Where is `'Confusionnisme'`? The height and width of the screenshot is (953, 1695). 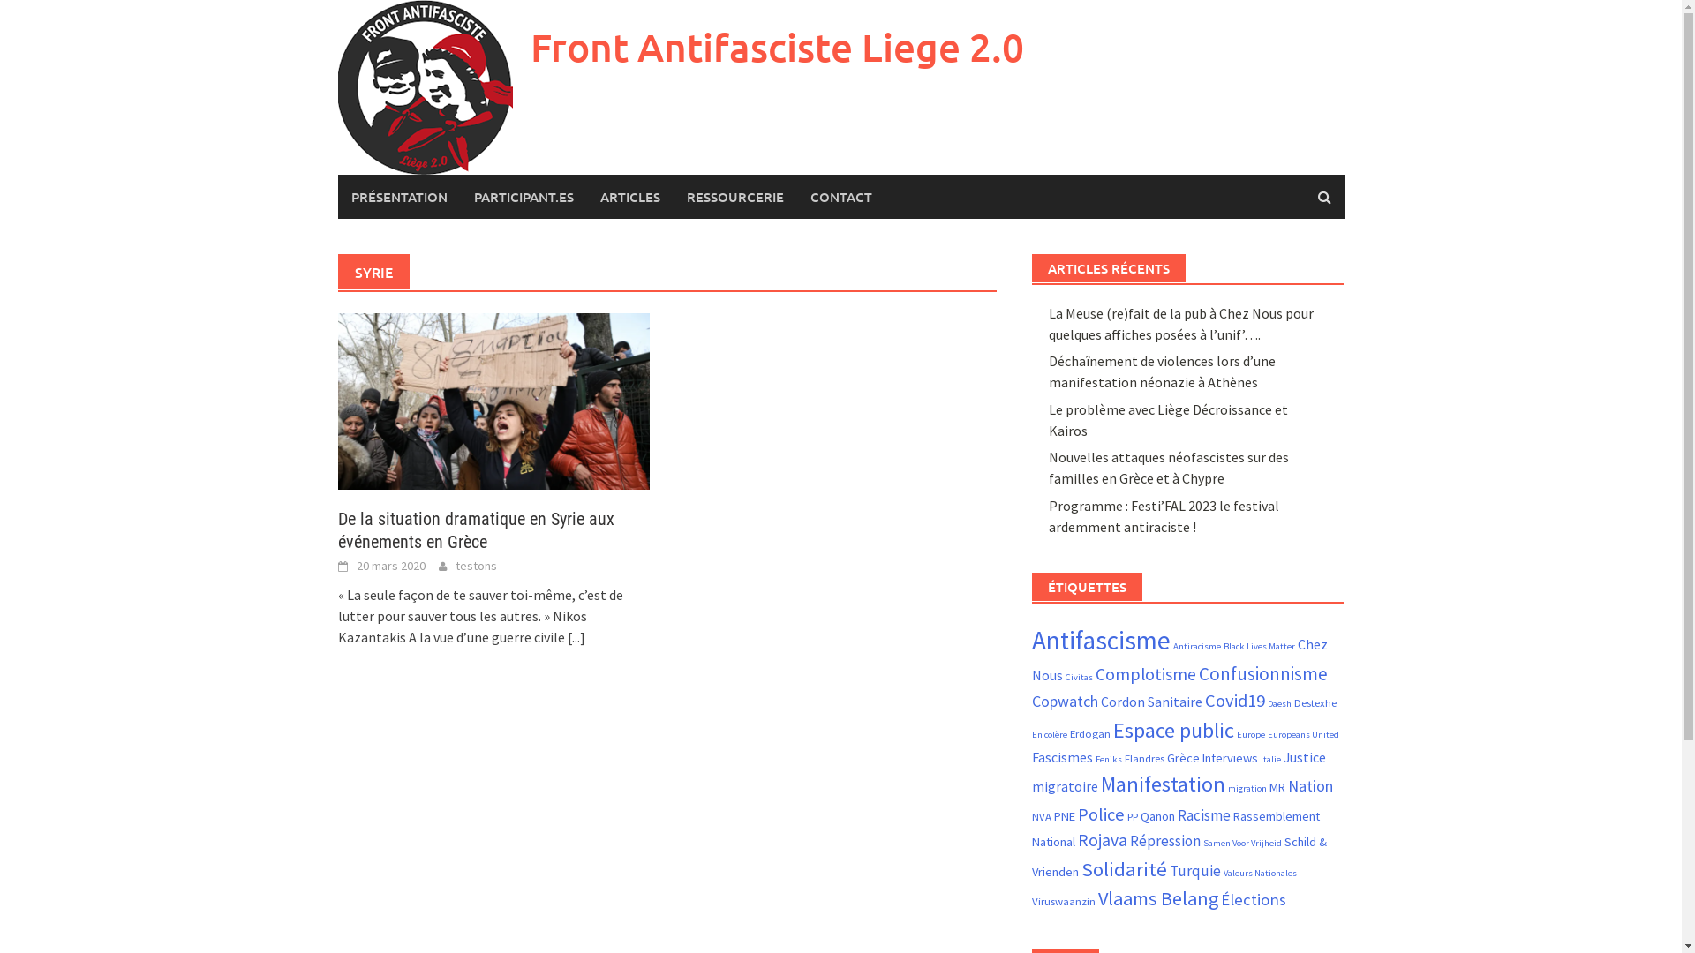
'Confusionnisme' is located at coordinates (1262, 673).